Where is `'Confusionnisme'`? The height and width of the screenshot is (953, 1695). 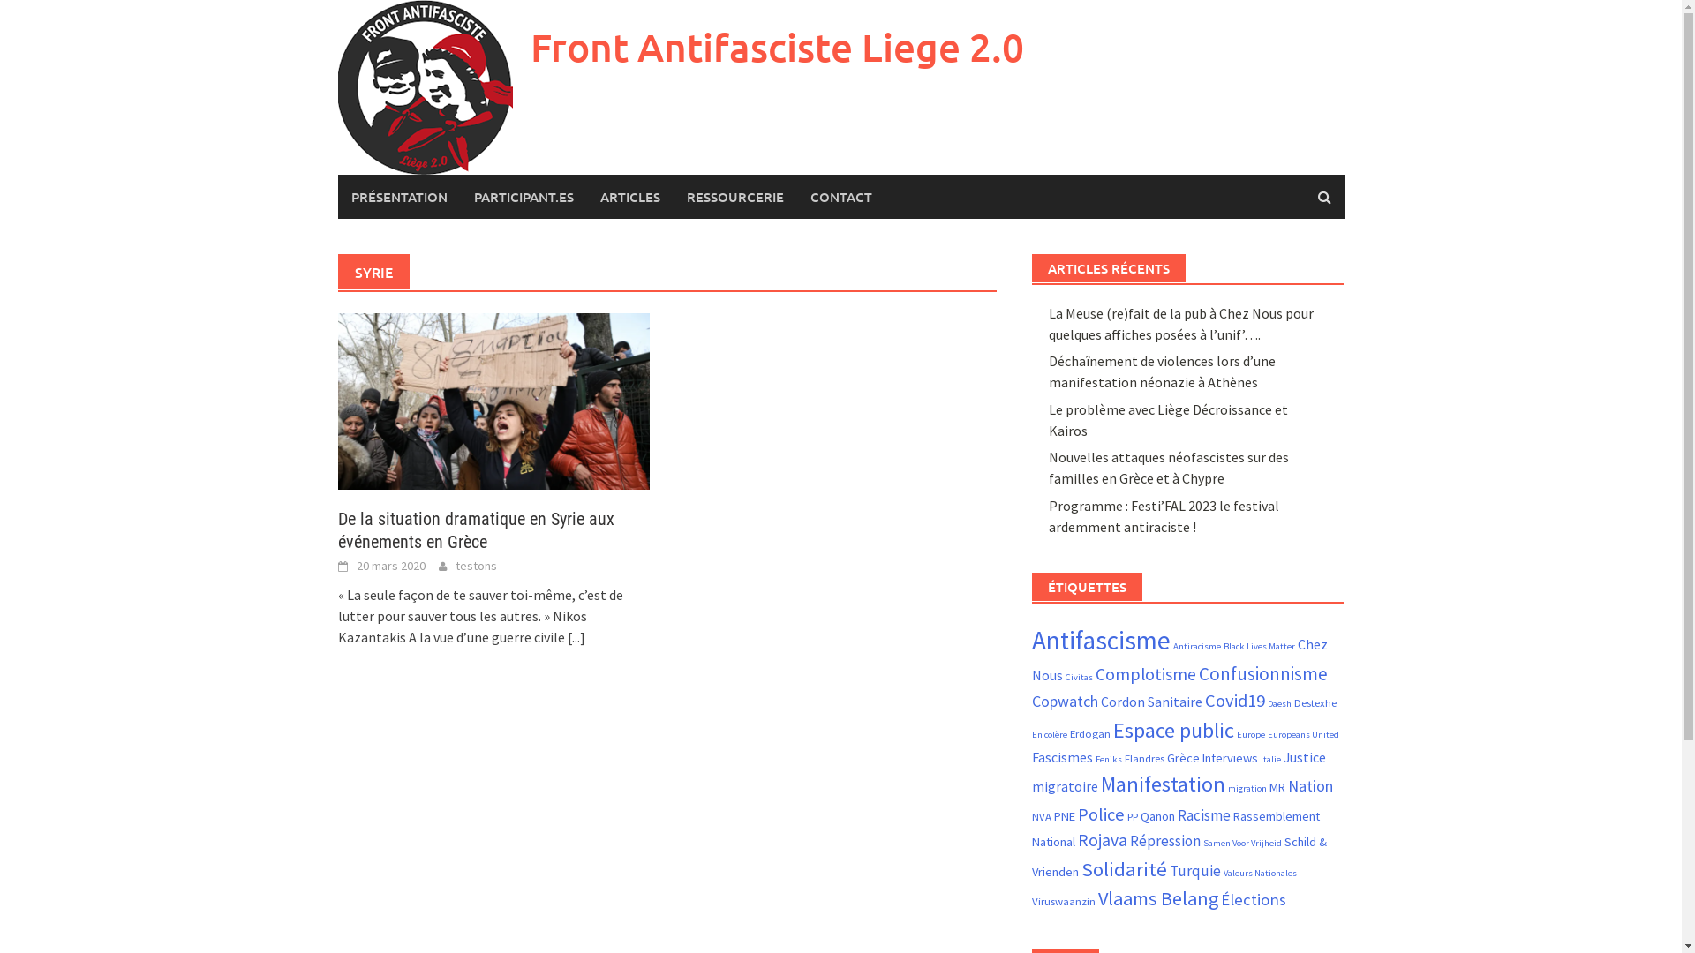
'Confusionnisme' is located at coordinates (1262, 673).